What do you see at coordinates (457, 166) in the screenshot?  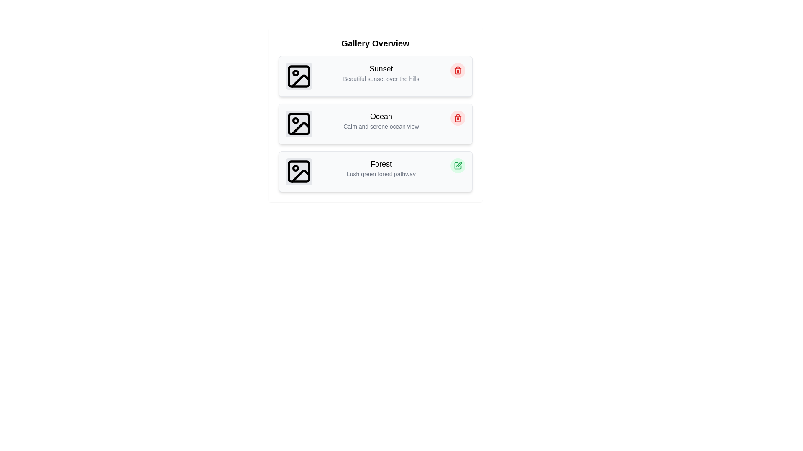 I see `the state indicator of the item Forest` at bounding box center [457, 166].